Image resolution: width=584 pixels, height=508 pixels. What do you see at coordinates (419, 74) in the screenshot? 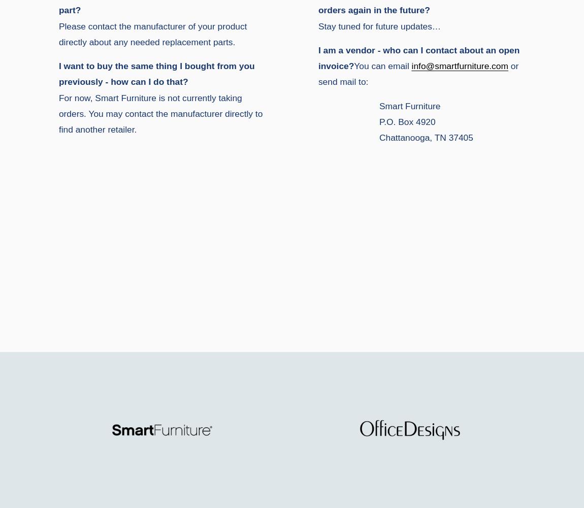
I see `'or send mail to:'` at bounding box center [419, 74].